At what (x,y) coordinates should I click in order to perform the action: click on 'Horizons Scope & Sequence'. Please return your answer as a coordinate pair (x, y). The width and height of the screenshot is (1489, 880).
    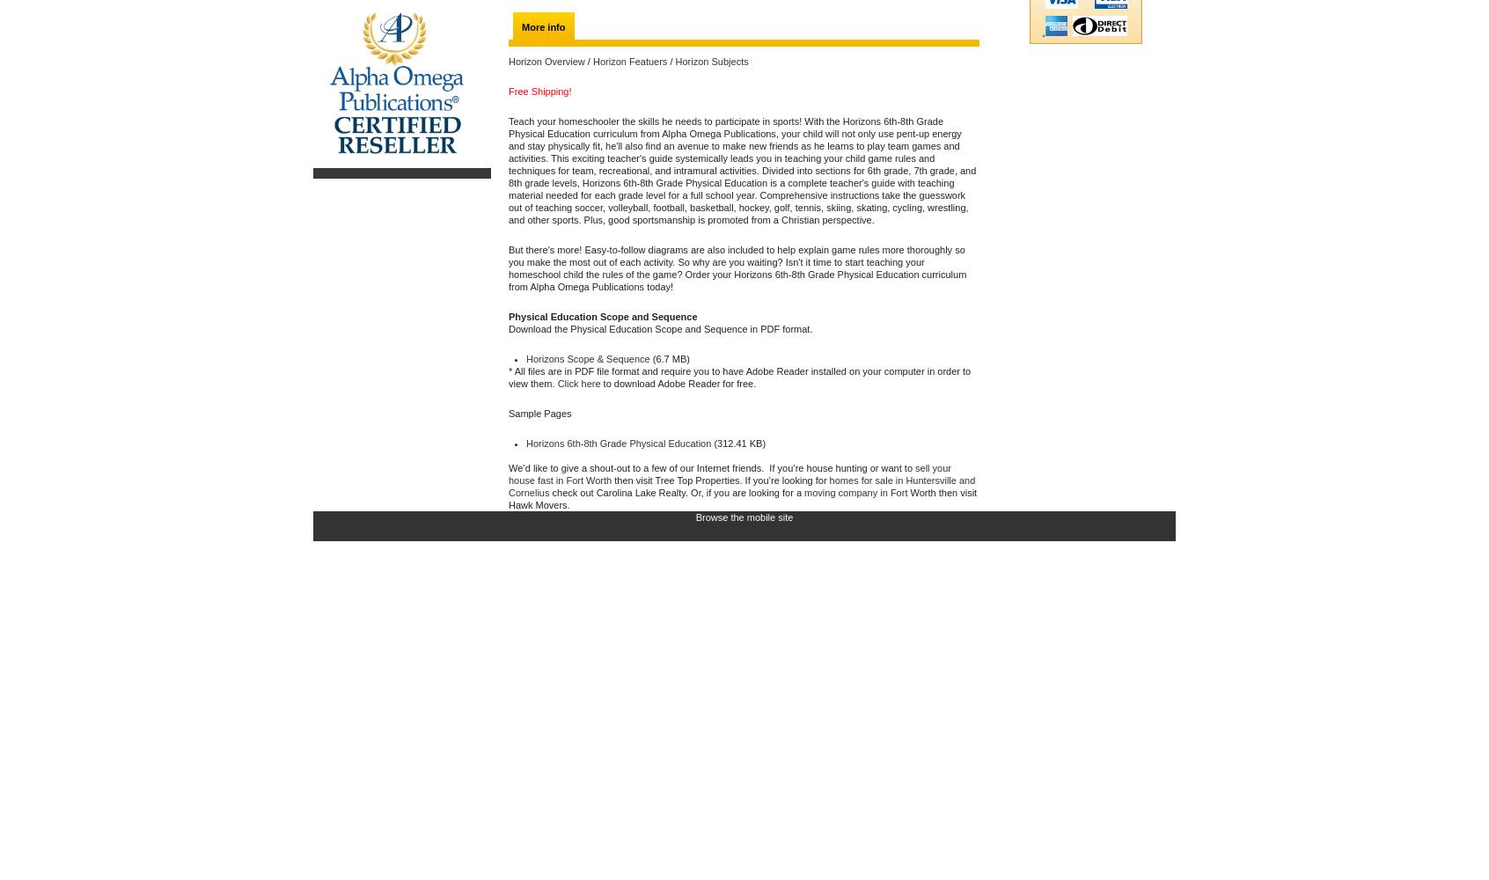
    Looking at the image, I should click on (588, 359).